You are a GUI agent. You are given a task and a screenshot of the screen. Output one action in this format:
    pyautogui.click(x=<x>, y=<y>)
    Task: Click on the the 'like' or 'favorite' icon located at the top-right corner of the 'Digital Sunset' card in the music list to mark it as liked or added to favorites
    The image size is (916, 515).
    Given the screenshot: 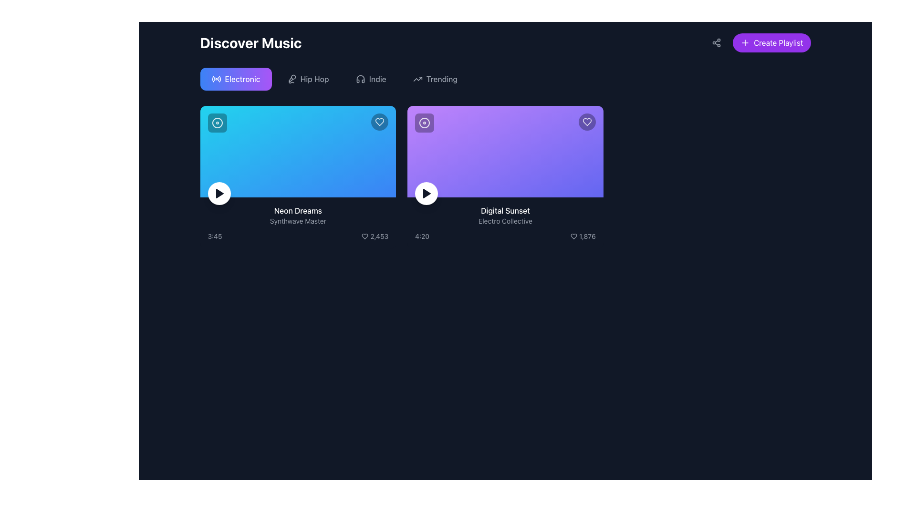 What is the action you would take?
    pyautogui.click(x=586, y=121)
    